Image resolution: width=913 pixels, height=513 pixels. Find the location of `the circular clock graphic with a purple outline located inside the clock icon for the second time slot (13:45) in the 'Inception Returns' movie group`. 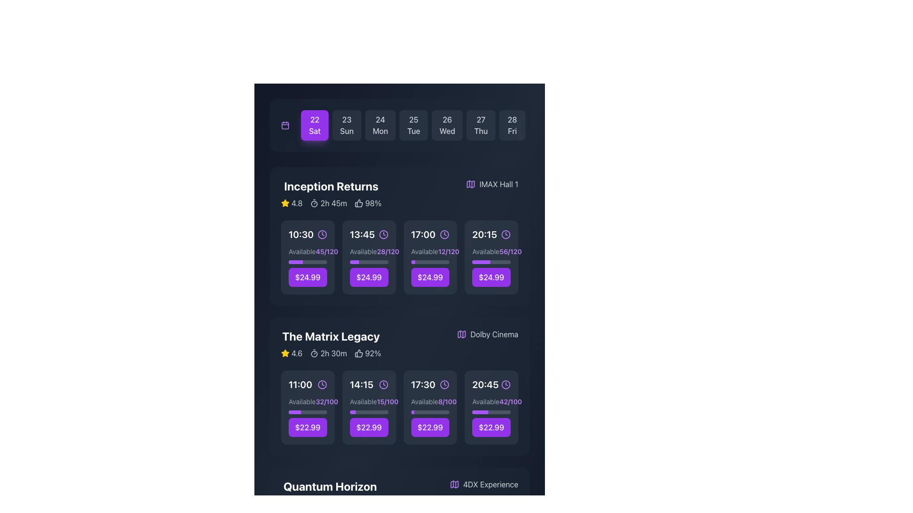

the circular clock graphic with a purple outline located inside the clock icon for the second time slot (13:45) in the 'Inception Returns' movie group is located at coordinates (383, 234).